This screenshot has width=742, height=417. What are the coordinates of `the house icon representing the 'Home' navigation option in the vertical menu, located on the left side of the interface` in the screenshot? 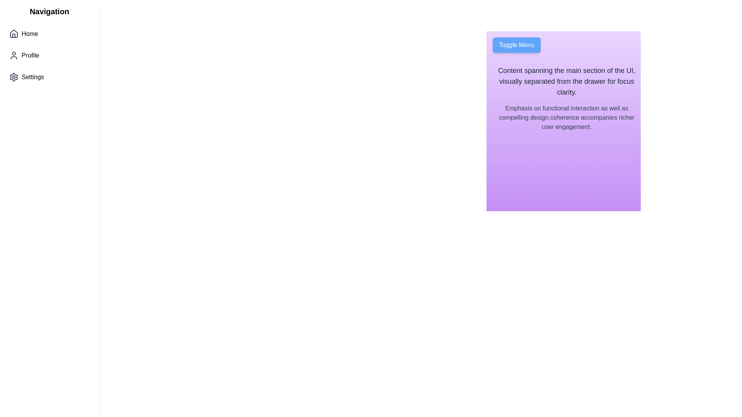 It's located at (14, 33).